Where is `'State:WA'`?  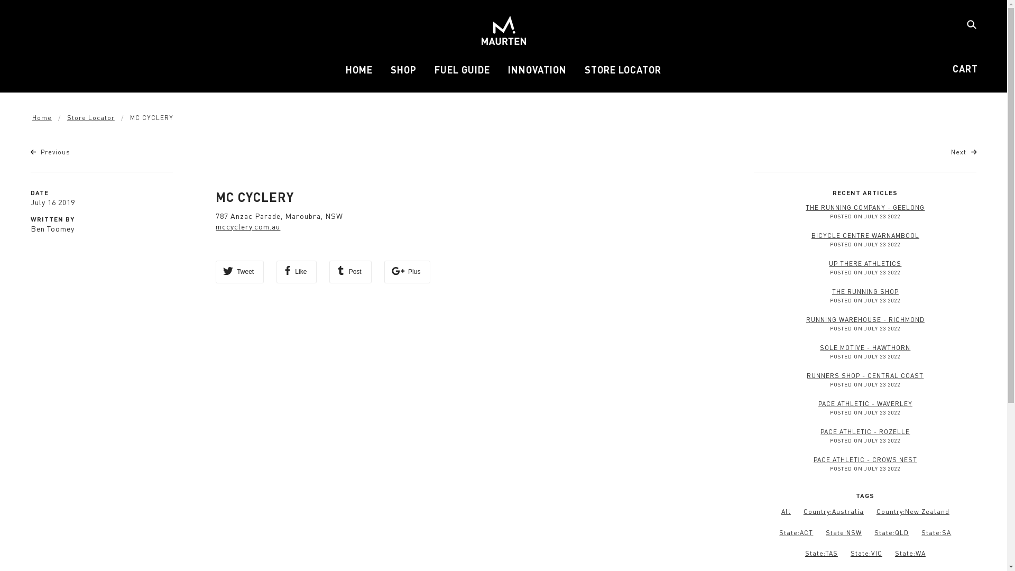
'State:WA' is located at coordinates (910, 552).